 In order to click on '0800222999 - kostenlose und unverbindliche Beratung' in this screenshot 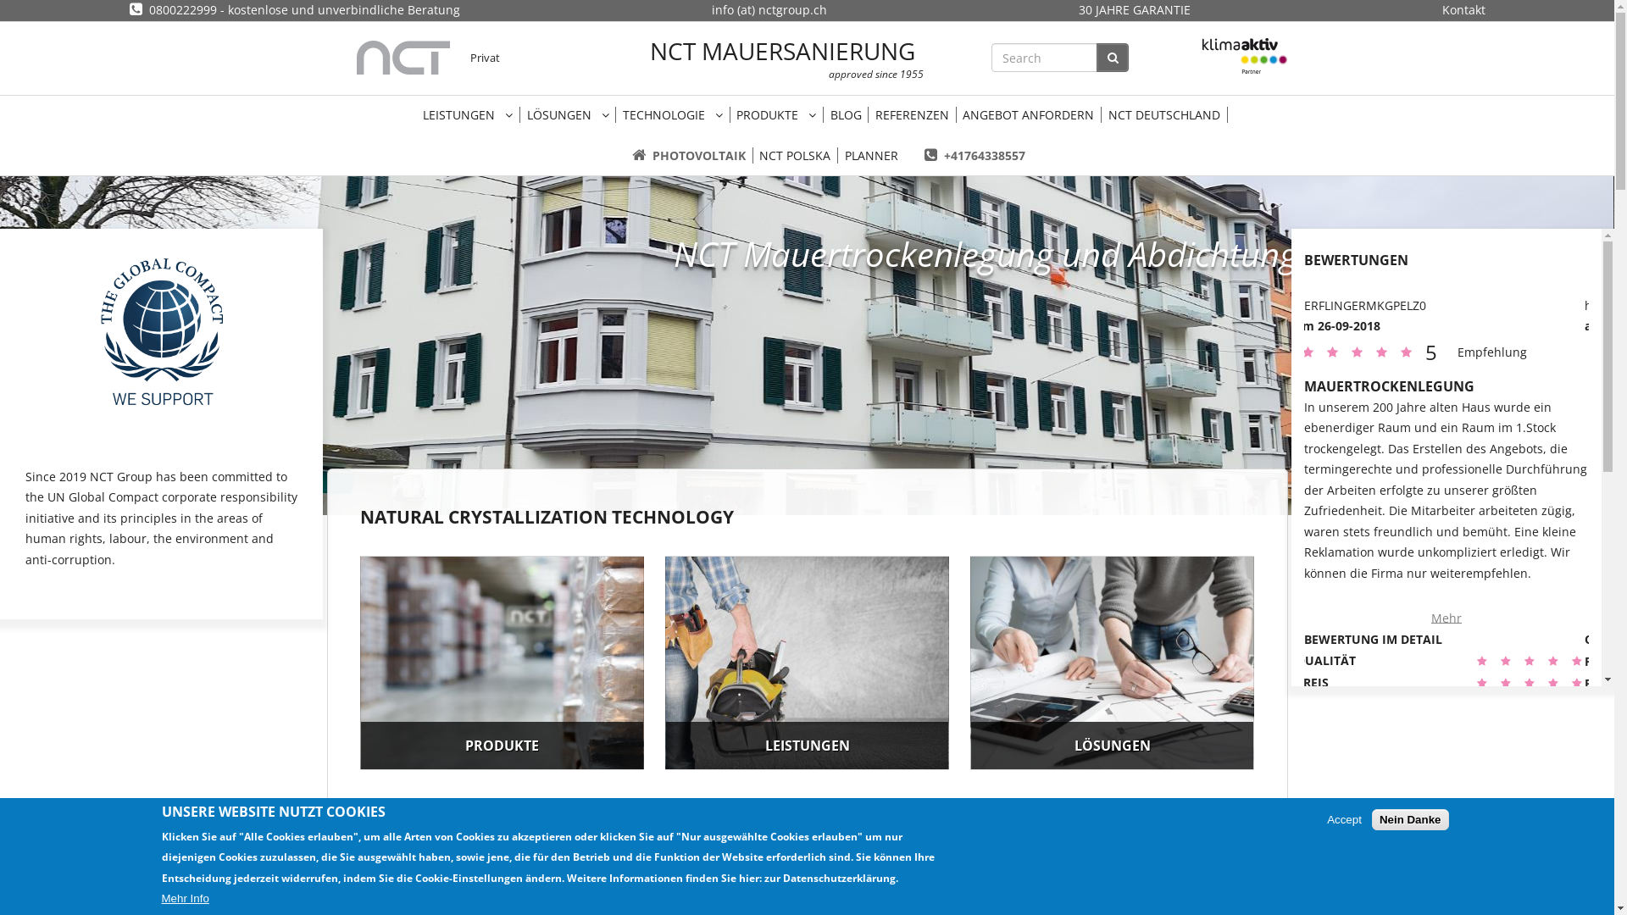, I will do `click(293, 9)`.